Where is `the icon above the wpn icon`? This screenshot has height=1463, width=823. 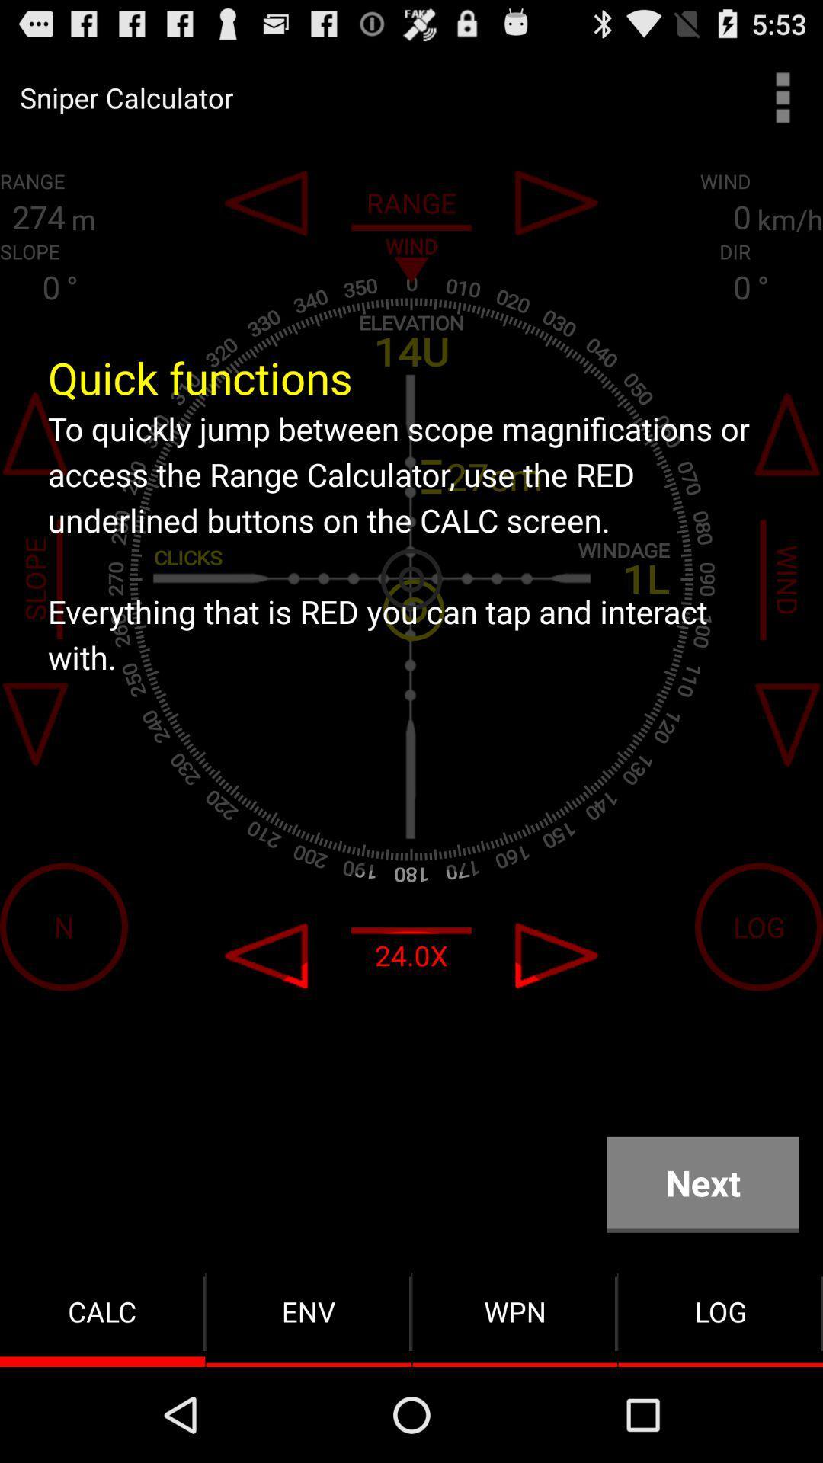
the icon above the wpn icon is located at coordinates (703, 1183).